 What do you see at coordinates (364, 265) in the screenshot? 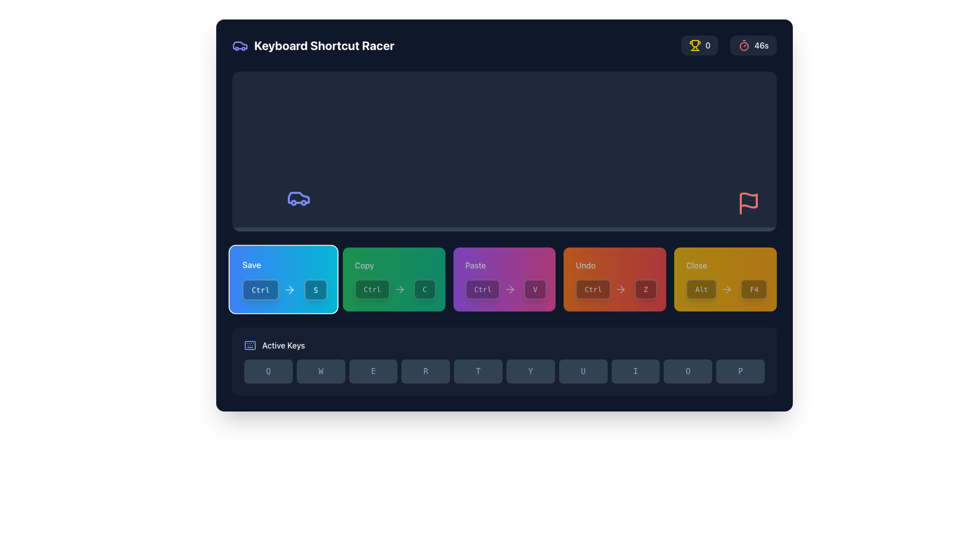
I see `the 'Copy' text label, which is displayed in white on a green rectangular button, located between the 'Save' and 'Paste' buttons` at bounding box center [364, 265].